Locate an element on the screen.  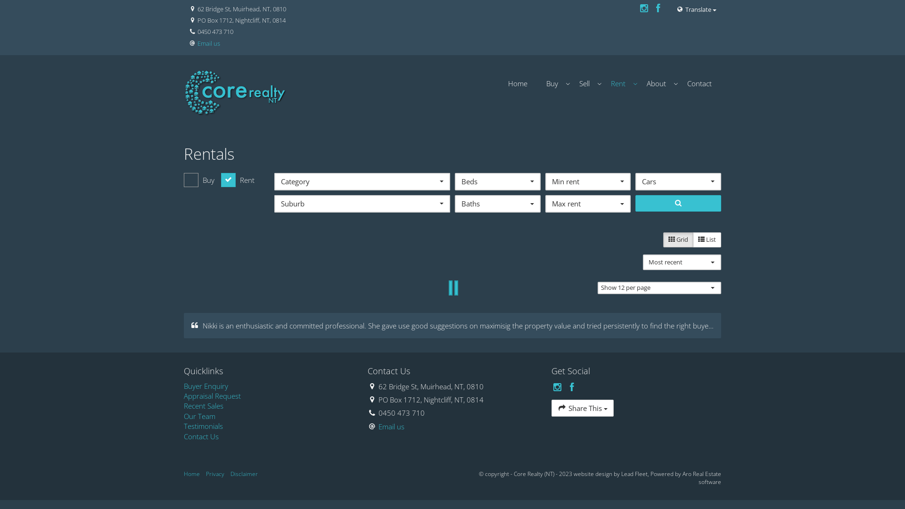
'Share This' is located at coordinates (582, 408).